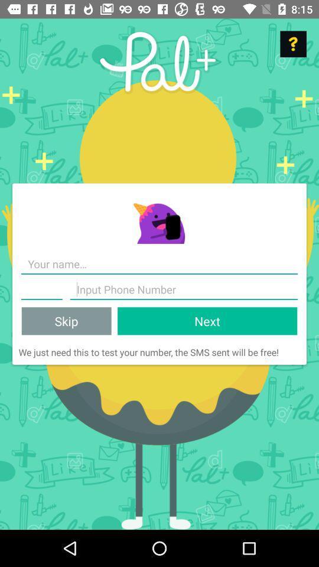 This screenshot has height=567, width=319. I want to click on learn more, so click(292, 44).